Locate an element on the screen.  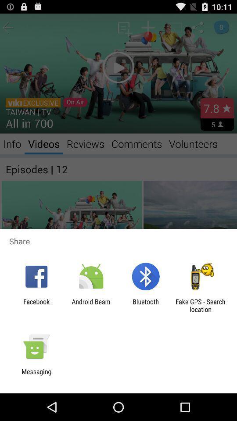
the item to the right of the facebook item is located at coordinates (90, 305).